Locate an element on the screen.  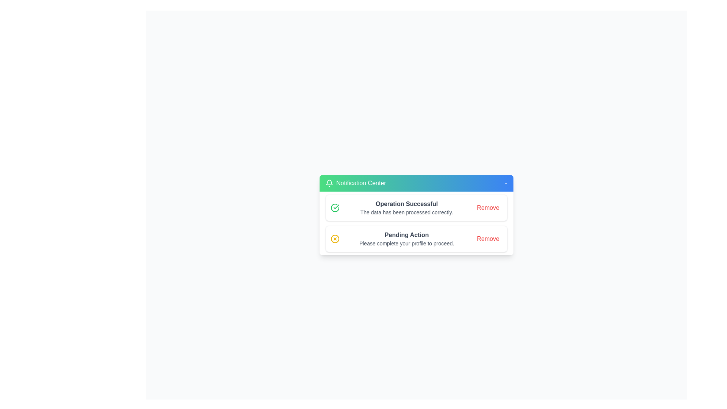
the minimize, collapse, or close button located on the far right of the notification bar labeled 'Notification Center' is located at coordinates (505, 183).